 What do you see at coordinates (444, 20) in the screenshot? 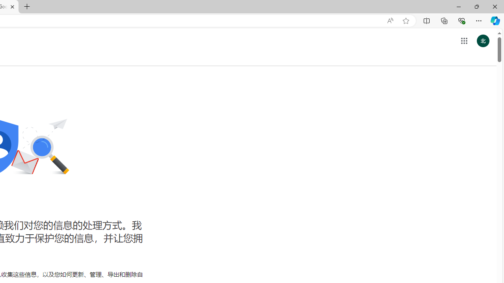
I see `'Collections'` at bounding box center [444, 20].